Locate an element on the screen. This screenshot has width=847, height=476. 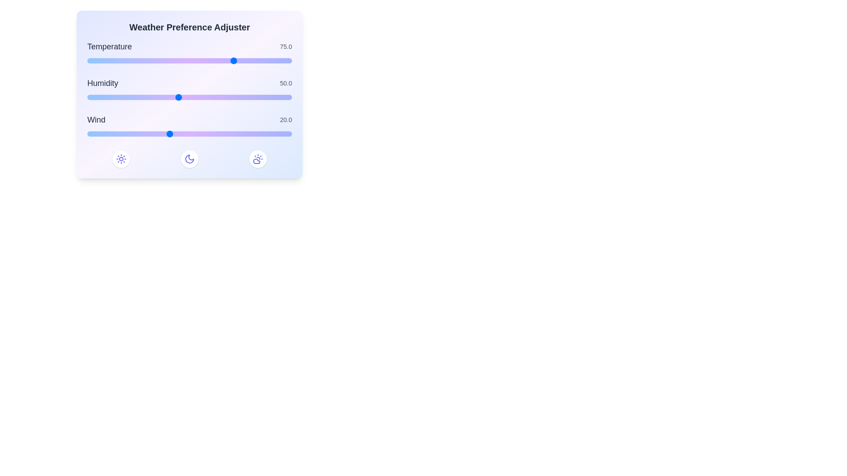
the third circular icon button at the bottom-right corner of the 'Weather Preference Adjuster' panel is located at coordinates (121, 159).